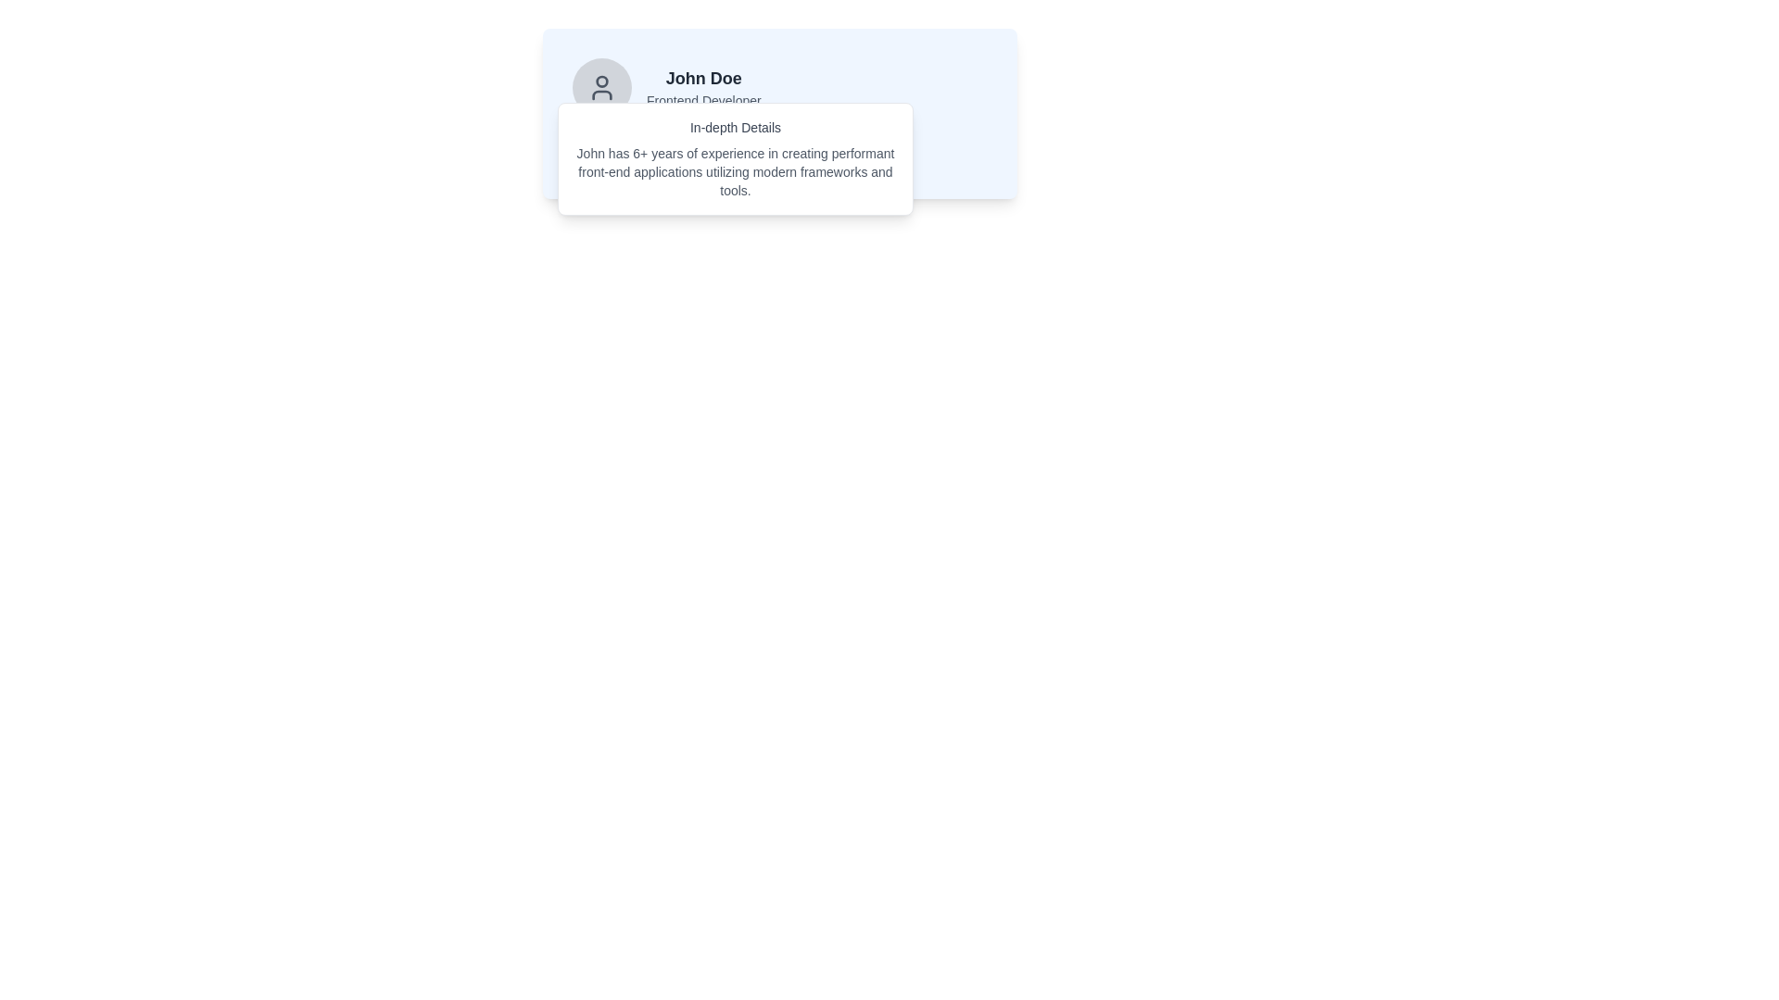 This screenshot has height=1000, width=1779. What do you see at coordinates (702, 77) in the screenshot?
I see `the title Text Label of the profile card, which is centrally located at the top and serves as the main identifier for the user profile` at bounding box center [702, 77].